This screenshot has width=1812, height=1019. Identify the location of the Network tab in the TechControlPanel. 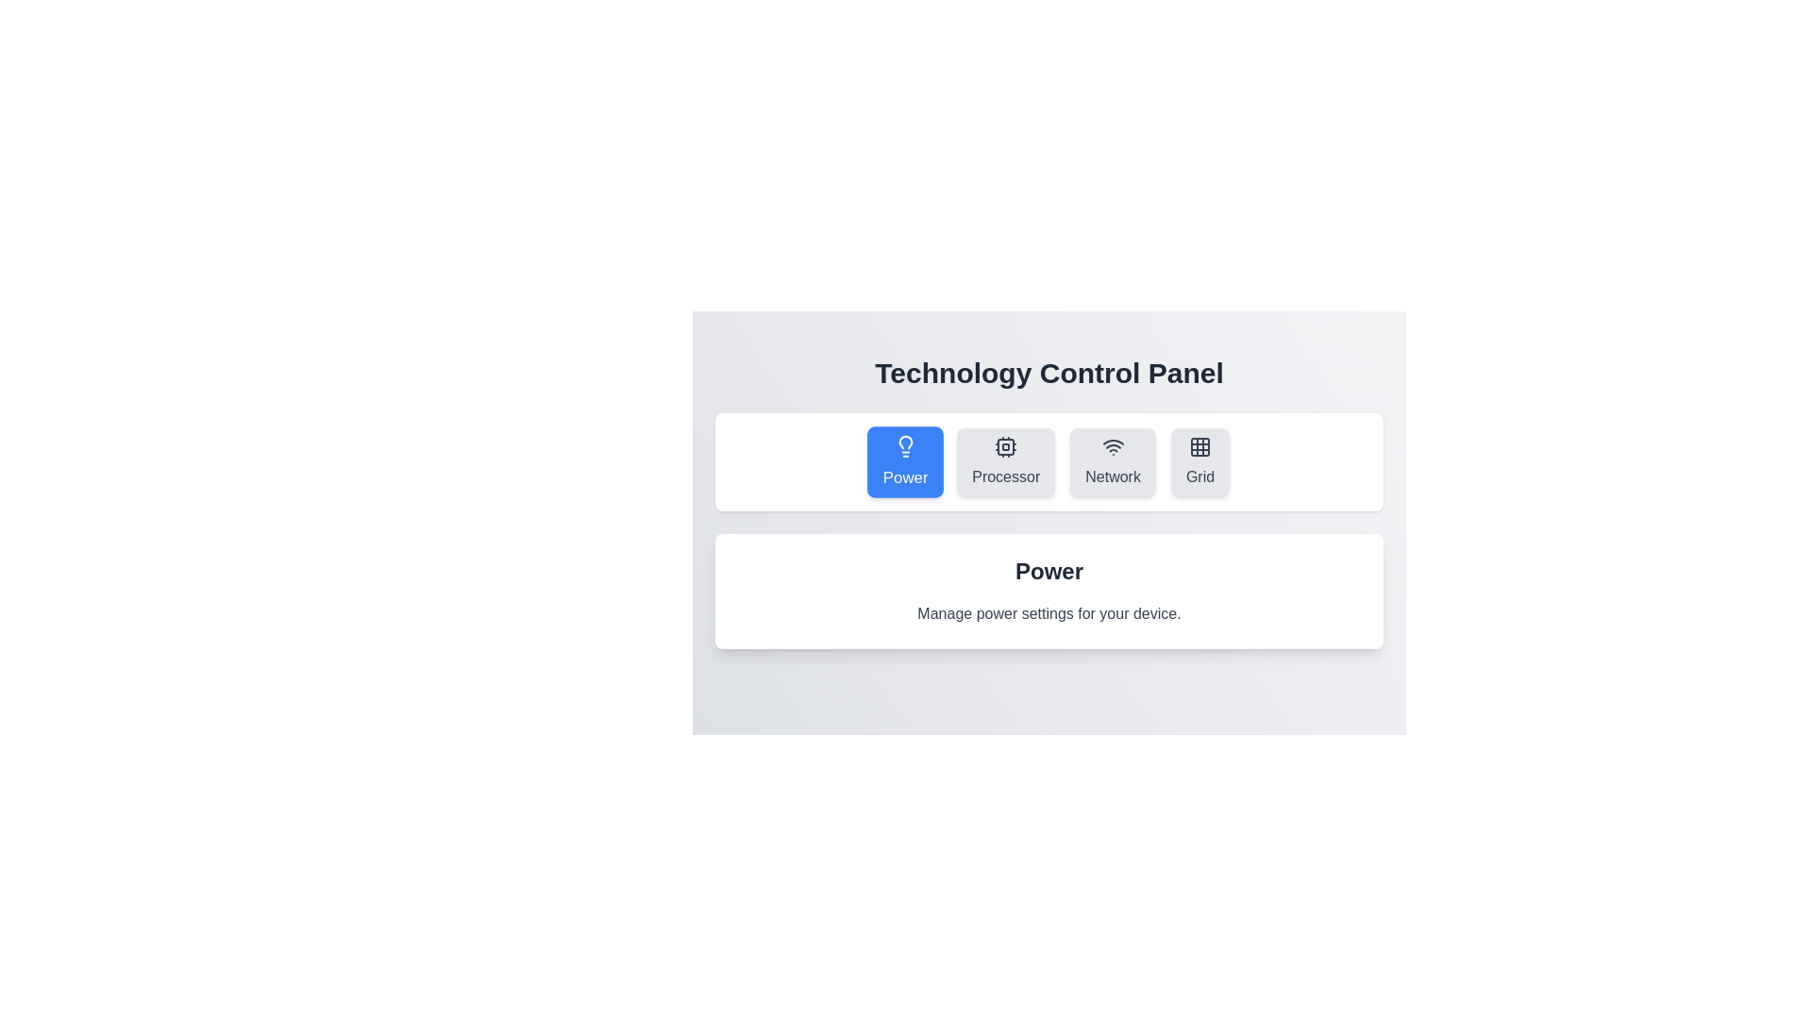
(1113, 461).